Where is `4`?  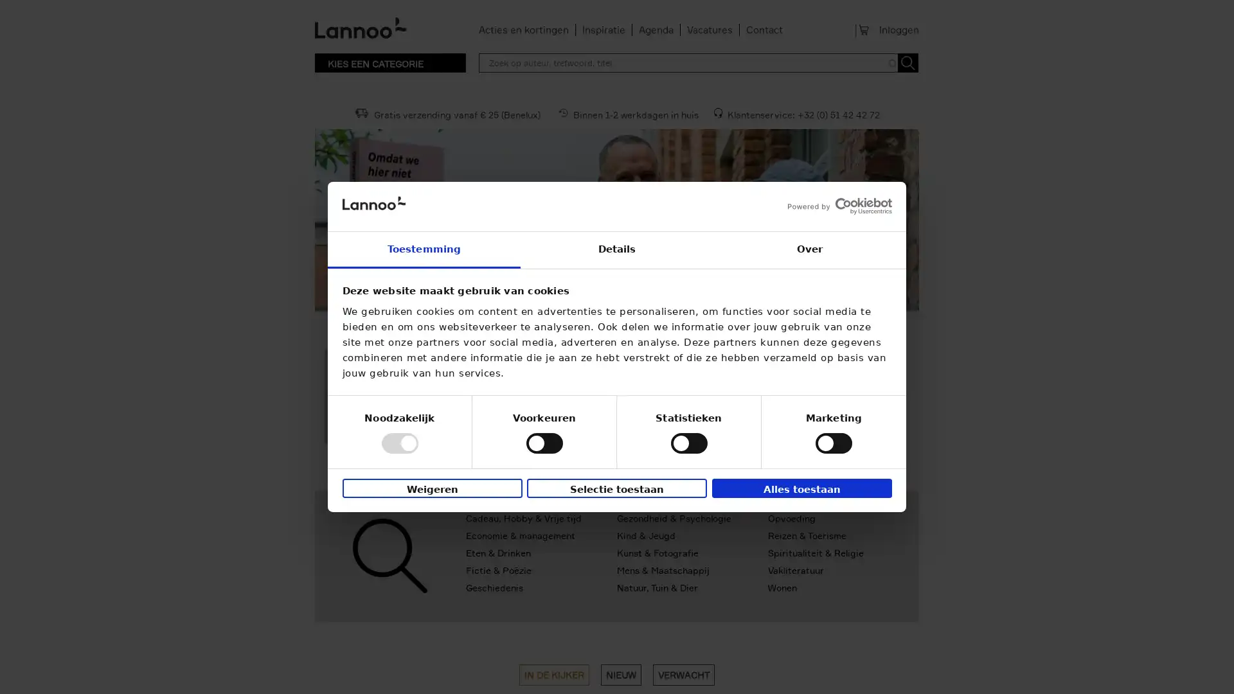
4 is located at coordinates (645, 298).